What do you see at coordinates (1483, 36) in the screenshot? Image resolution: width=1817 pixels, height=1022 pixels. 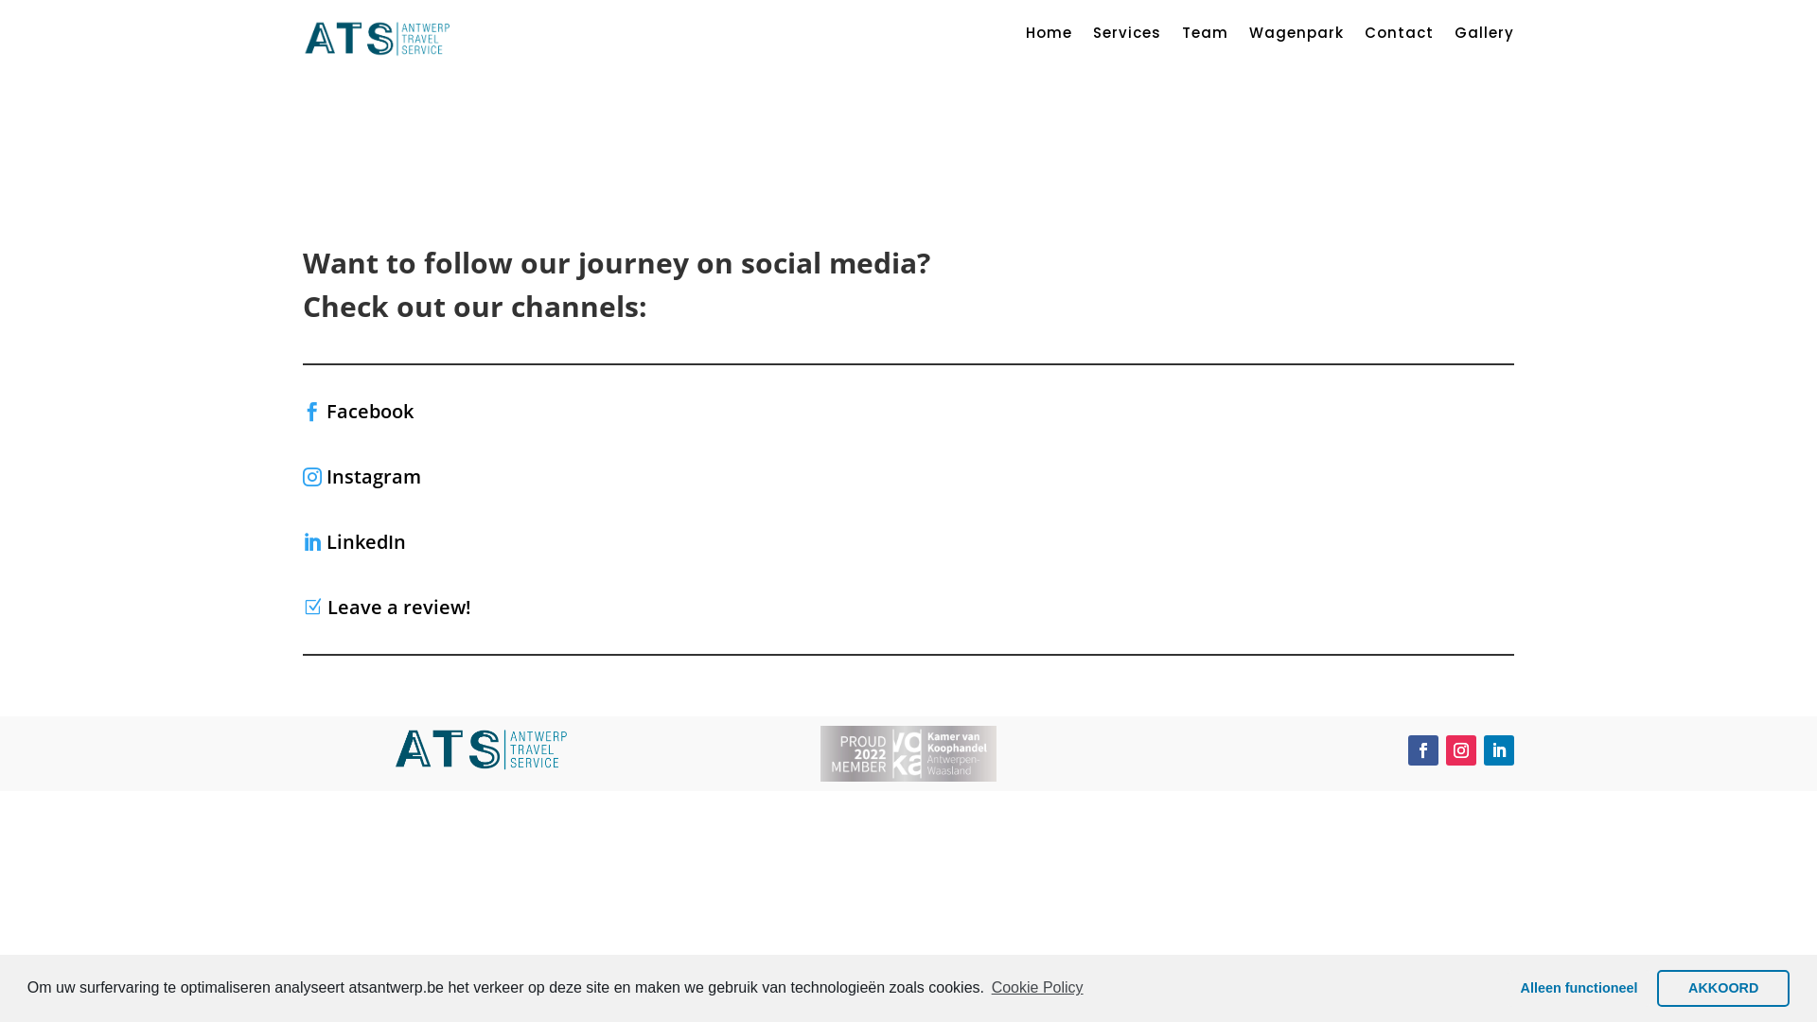 I see `'Gallery'` at bounding box center [1483, 36].